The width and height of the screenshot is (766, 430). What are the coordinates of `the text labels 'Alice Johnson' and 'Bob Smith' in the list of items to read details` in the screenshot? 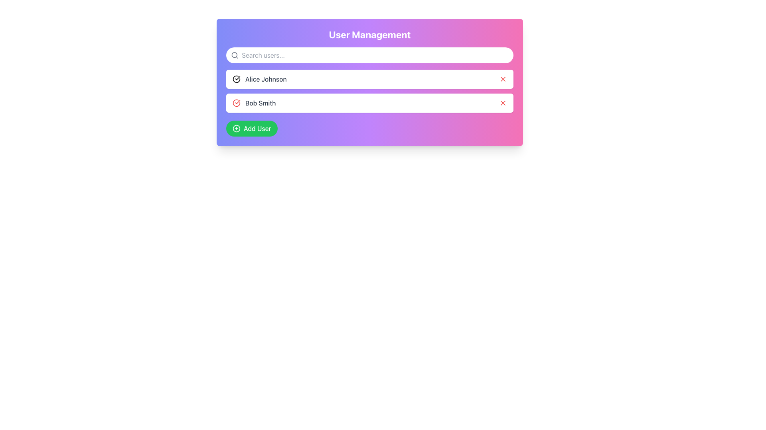 It's located at (369, 90).